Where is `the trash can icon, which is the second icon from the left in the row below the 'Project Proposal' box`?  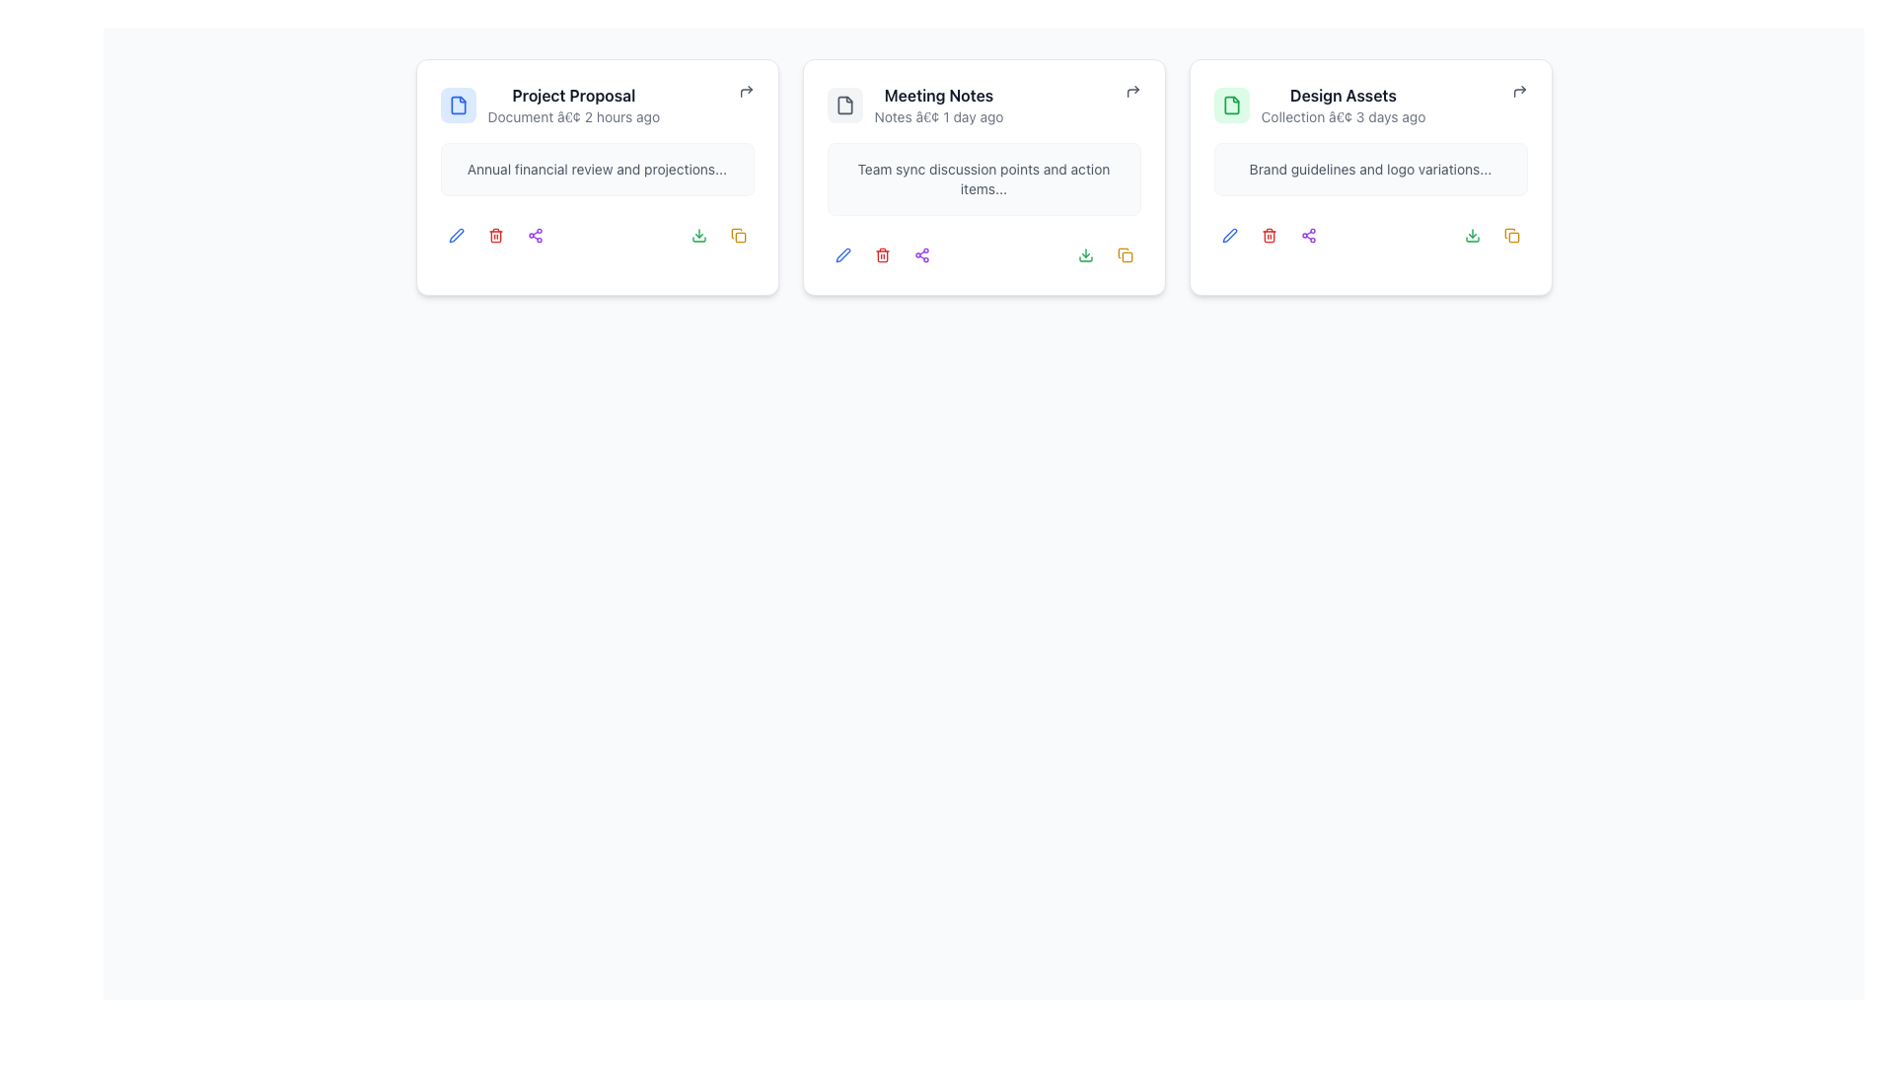
the trash can icon, which is the second icon from the left in the row below the 'Project Proposal' box is located at coordinates (495, 236).